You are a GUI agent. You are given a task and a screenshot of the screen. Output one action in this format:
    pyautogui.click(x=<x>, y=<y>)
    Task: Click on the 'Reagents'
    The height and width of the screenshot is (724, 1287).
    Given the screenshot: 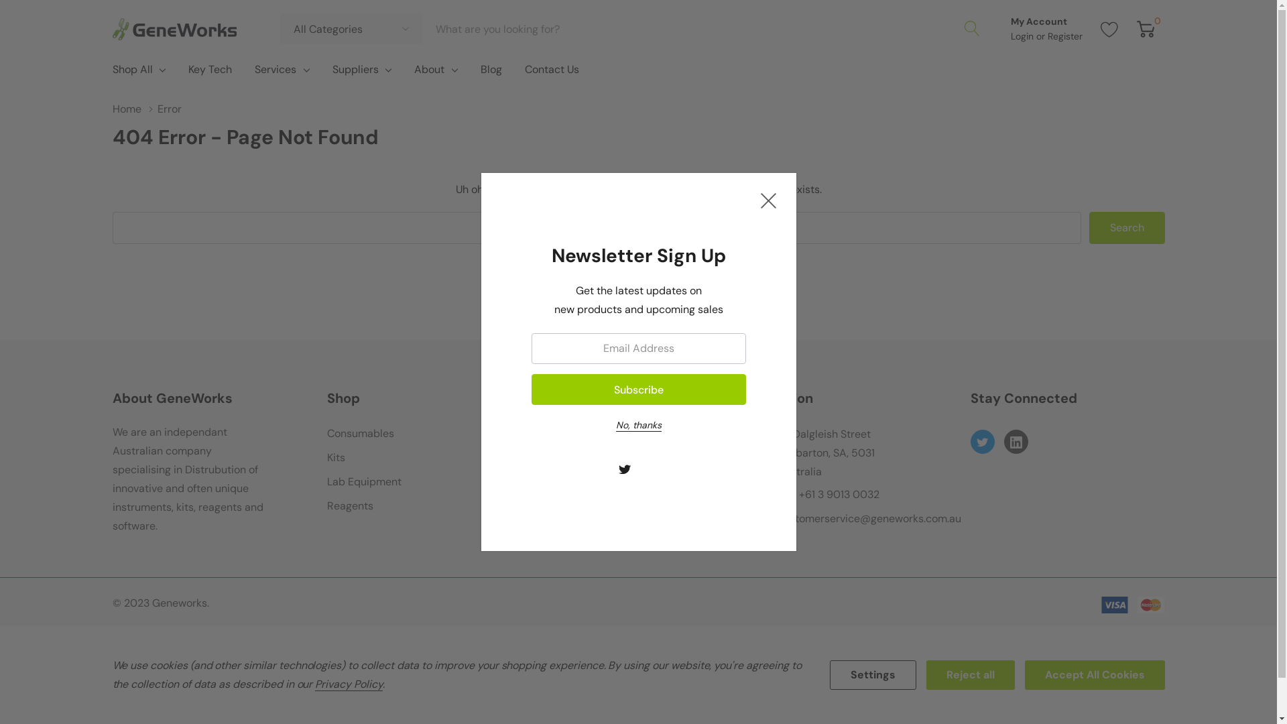 What is the action you would take?
    pyautogui.click(x=350, y=506)
    